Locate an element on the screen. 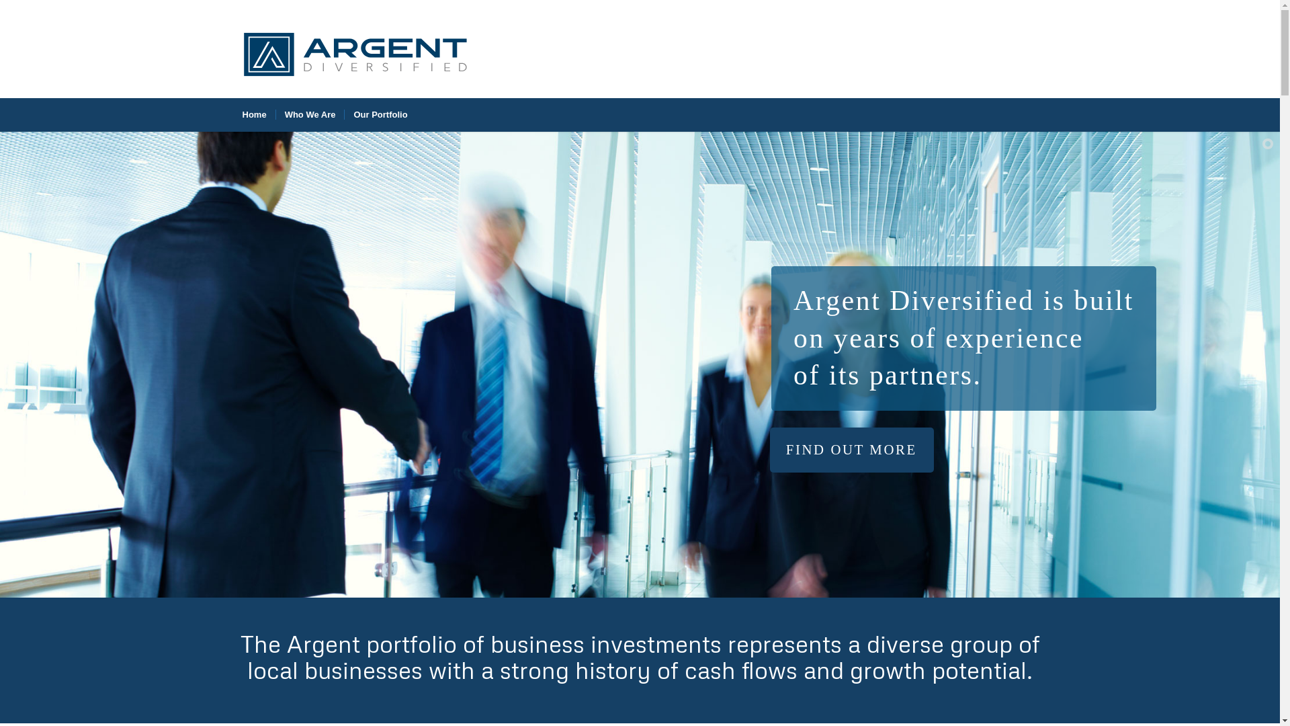 This screenshot has width=1290, height=726. 'Who We Are' is located at coordinates (309, 114).